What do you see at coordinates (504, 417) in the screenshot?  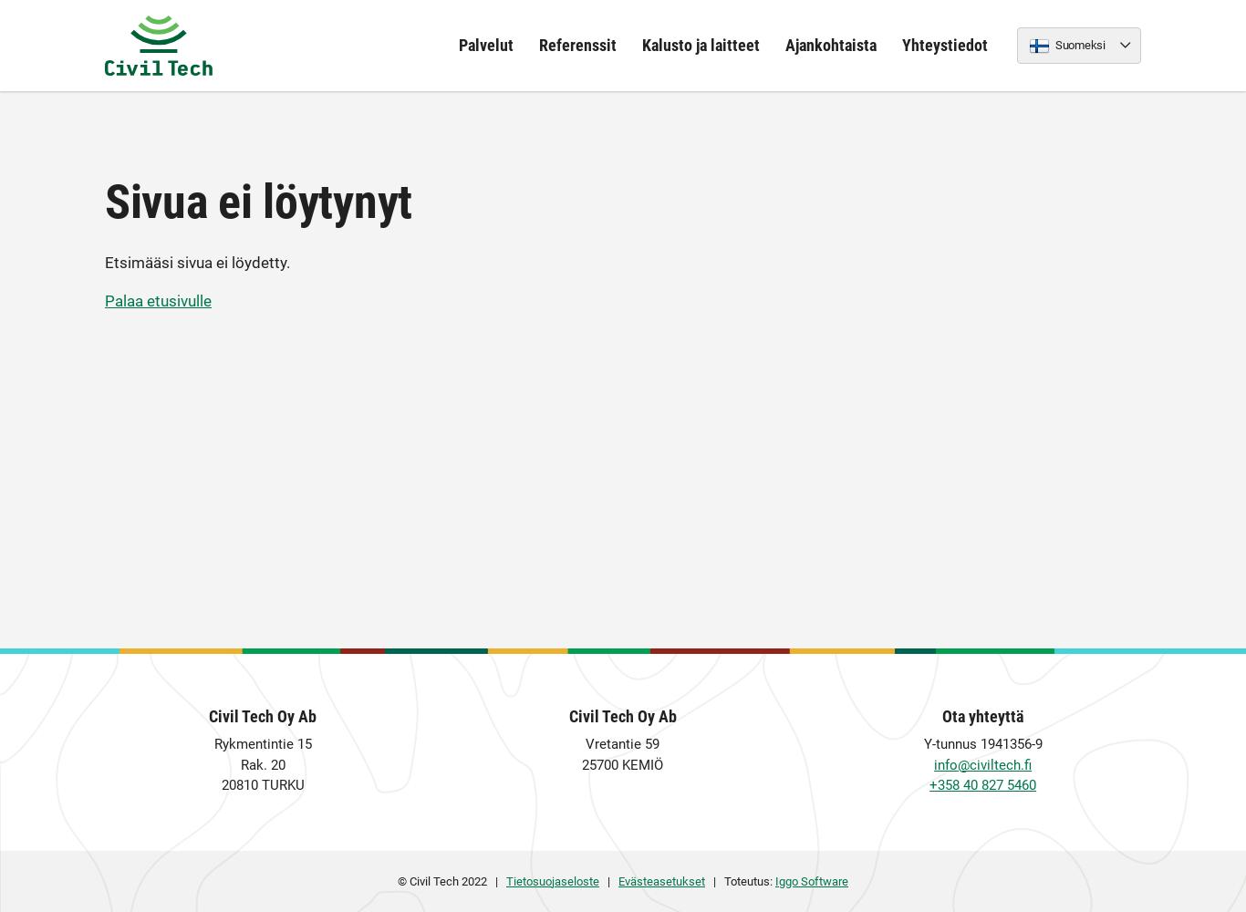 I see `'Hakusana'` at bounding box center [504, 417].